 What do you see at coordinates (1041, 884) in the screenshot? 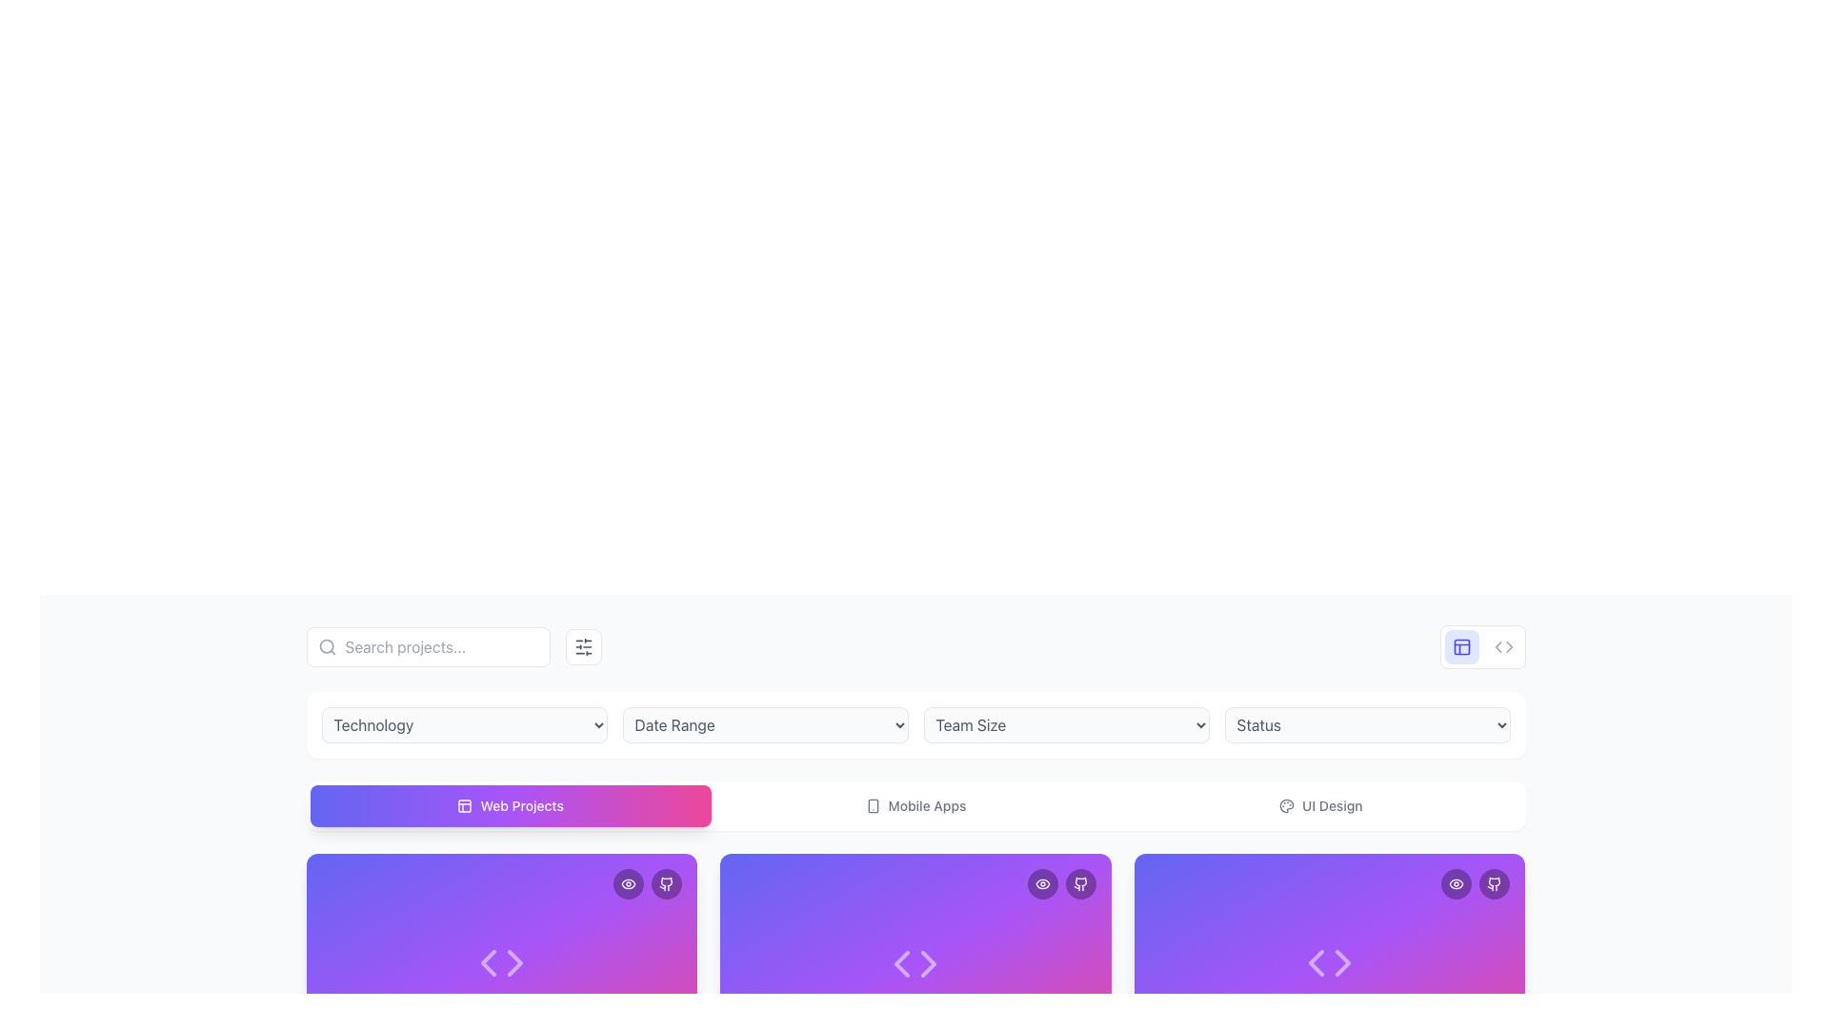
I see `the circular button with a semi-transparent black background and an eye symbol in the upper-right corner of the card` at bounding box center [1041, 884].